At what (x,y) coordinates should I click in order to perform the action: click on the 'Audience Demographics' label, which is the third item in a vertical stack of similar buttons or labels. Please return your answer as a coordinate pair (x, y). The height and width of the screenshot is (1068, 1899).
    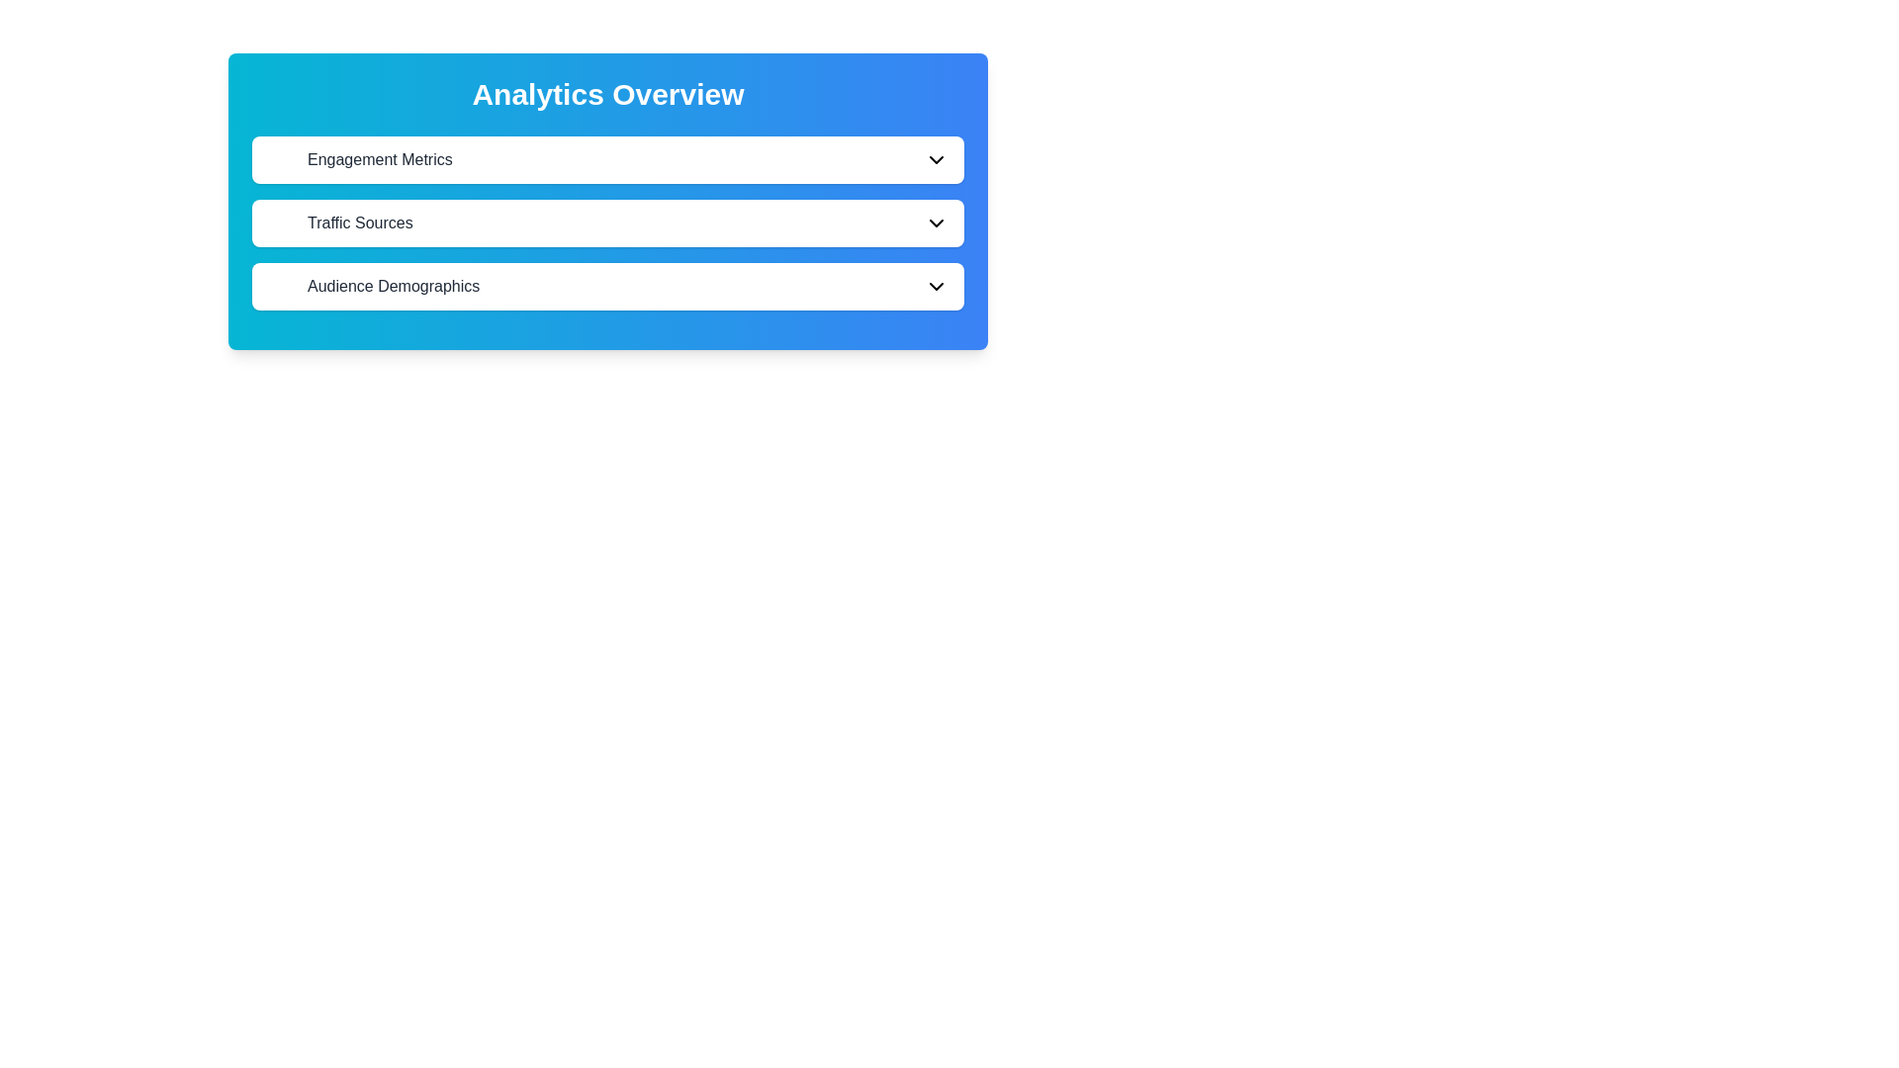
    Looking at the image, I should click on (374, 286).